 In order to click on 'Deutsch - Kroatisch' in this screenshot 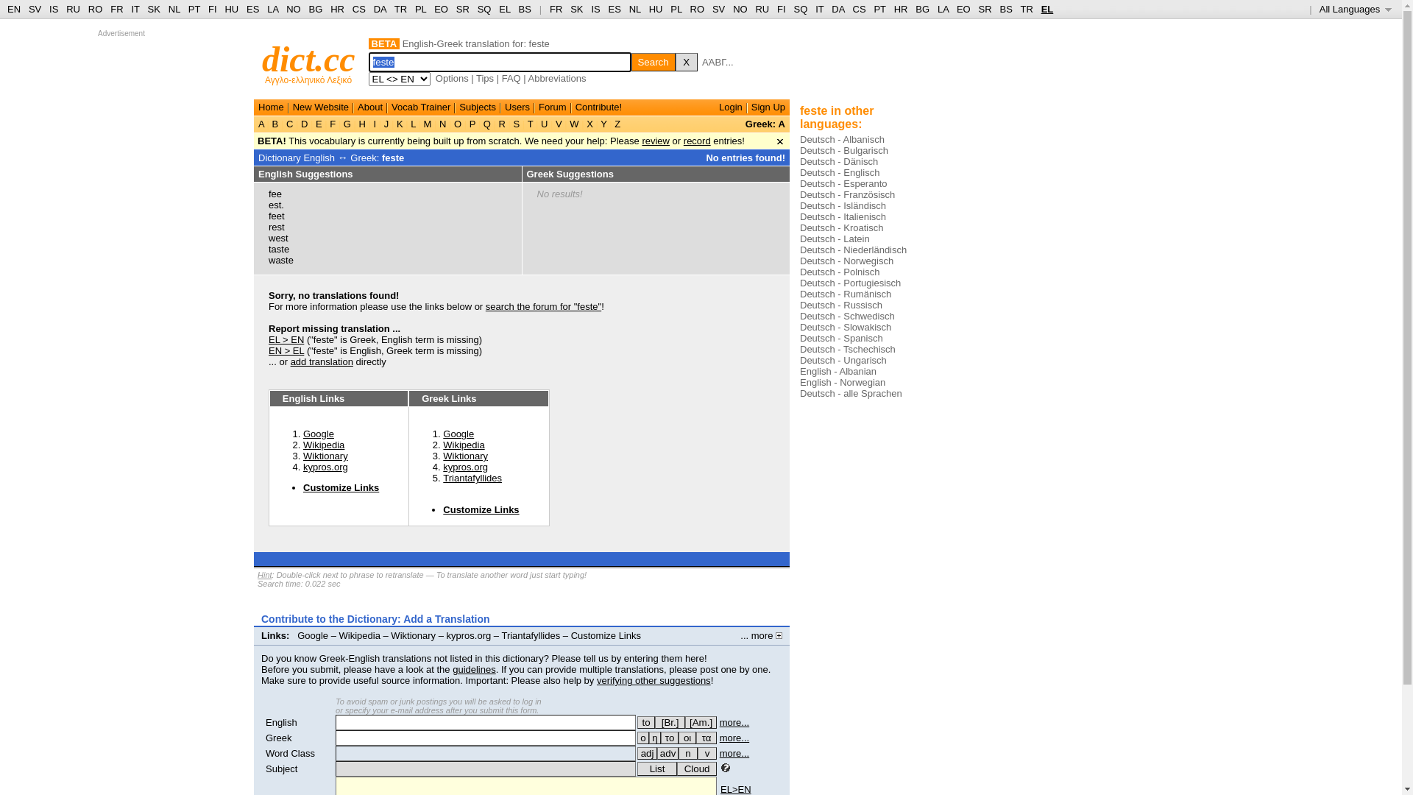, I will do `click(841, 227)`.